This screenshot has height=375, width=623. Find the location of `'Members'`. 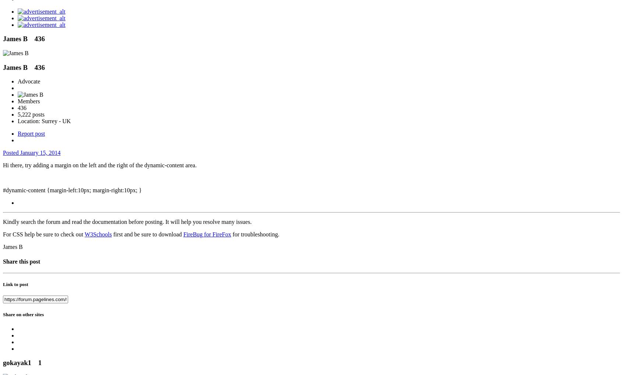

'Members' is located at coordinates (29, 101).